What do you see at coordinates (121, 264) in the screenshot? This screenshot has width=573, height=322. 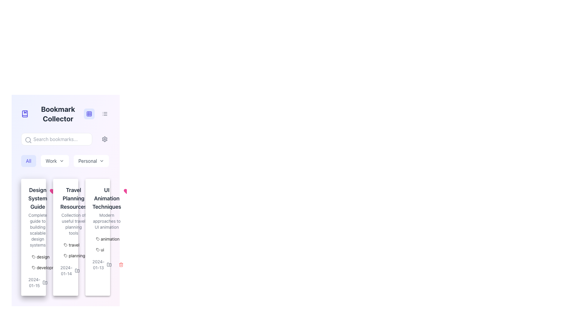 I see `the delete action icon located near the bottom-right of the third vertical list item labeled 'UI Animation Techniques'` at bounding box center [121, 264].